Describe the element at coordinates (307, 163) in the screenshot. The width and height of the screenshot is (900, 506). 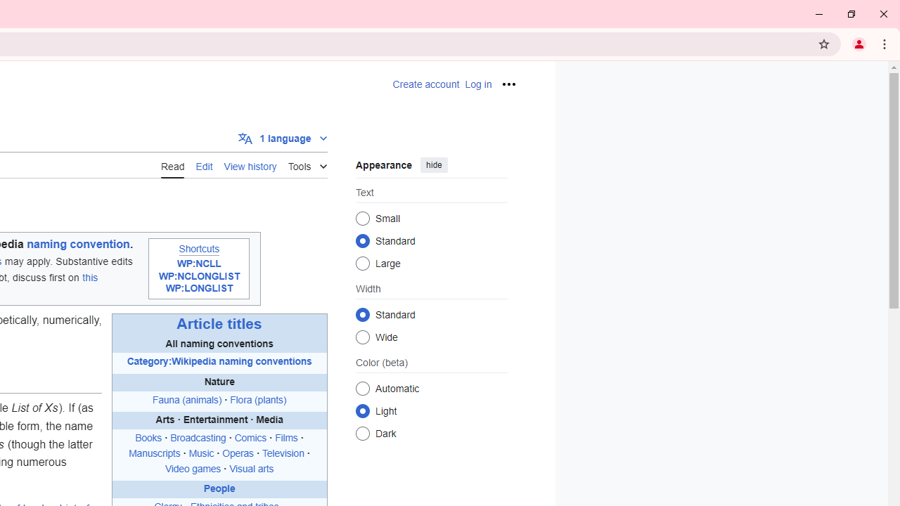
I see `'Tools'` at that location.